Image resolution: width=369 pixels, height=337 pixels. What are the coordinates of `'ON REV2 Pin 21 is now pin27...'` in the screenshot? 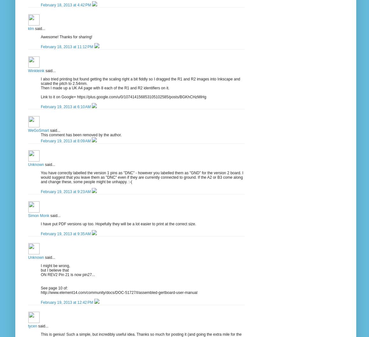 It's located at (68, 274).